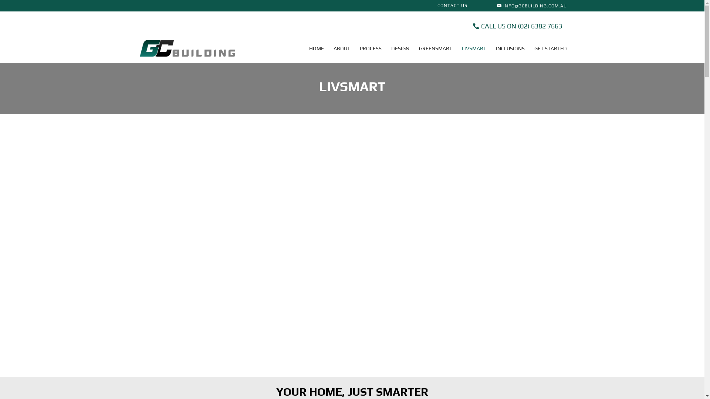  Describe the element at coordinates (474, 54) in the screenshot. I see `'LIVSMART'` at that location.